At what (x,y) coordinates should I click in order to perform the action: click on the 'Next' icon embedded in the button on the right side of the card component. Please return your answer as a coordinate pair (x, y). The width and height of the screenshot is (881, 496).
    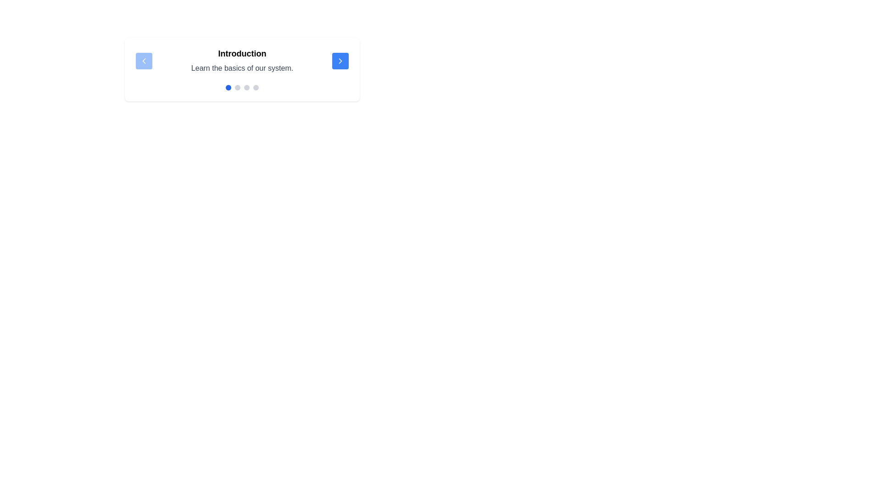
    Looking at the image, I should click on (340, 61).